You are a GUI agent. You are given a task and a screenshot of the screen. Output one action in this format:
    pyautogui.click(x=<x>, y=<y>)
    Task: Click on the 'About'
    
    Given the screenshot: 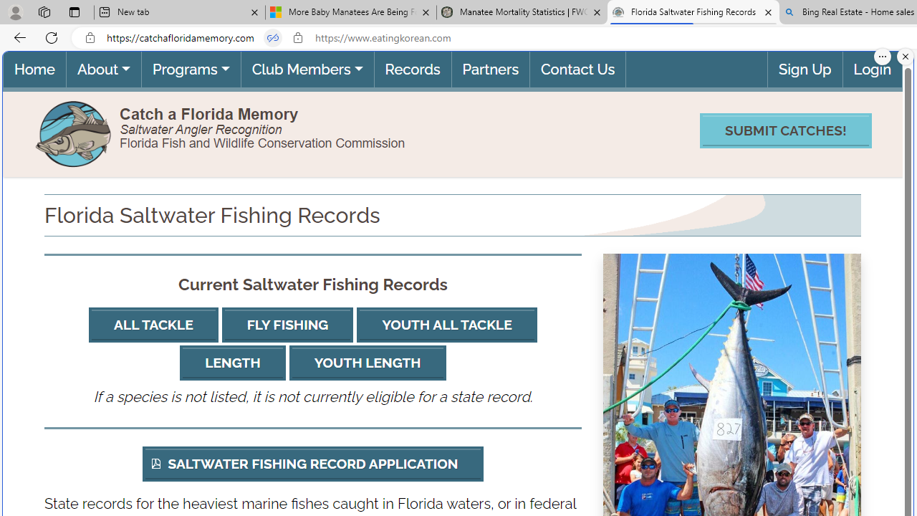 What is the action you would take?
    pyautogui.click(x=102, y=69)
    